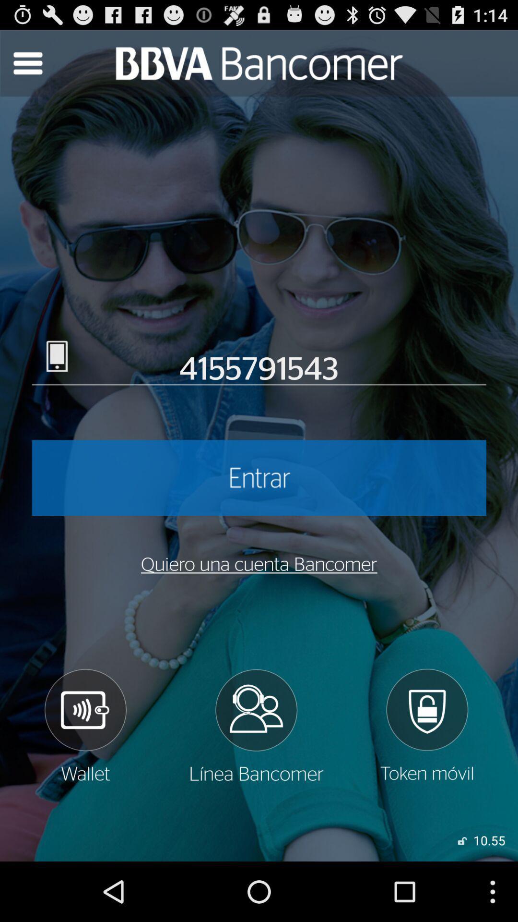  What do you see at coordinates (27, 63) in the screenshot?
I see `drop down bar` at bounding box center [27, 63].